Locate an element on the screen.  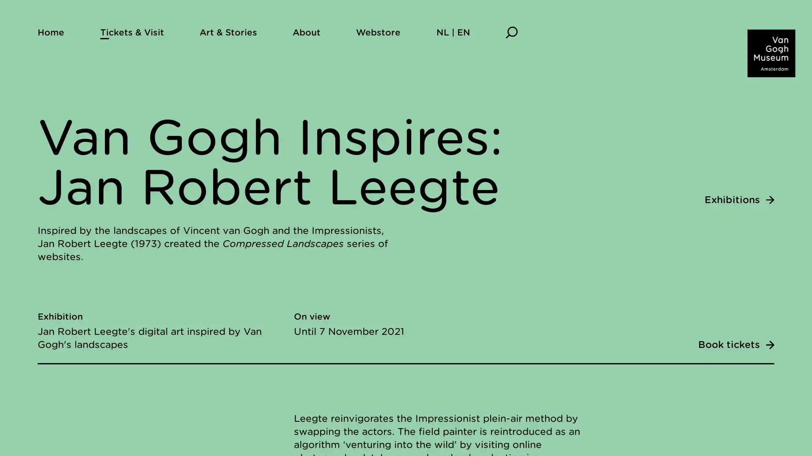
Search is located at coordinates (511, 32).